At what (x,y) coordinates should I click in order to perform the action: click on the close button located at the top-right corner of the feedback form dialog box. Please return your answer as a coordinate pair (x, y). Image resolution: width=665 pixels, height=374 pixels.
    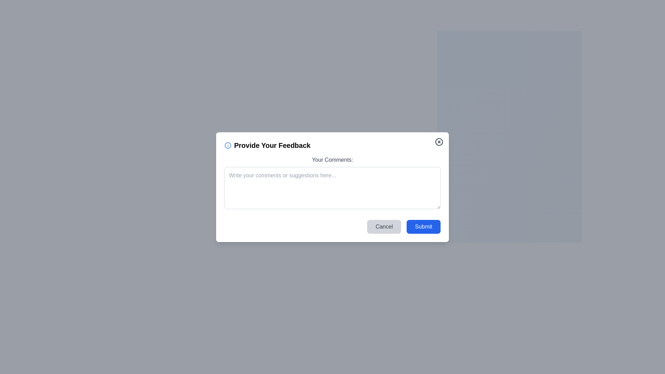
    Looking at the image, I should click on (438, 141).